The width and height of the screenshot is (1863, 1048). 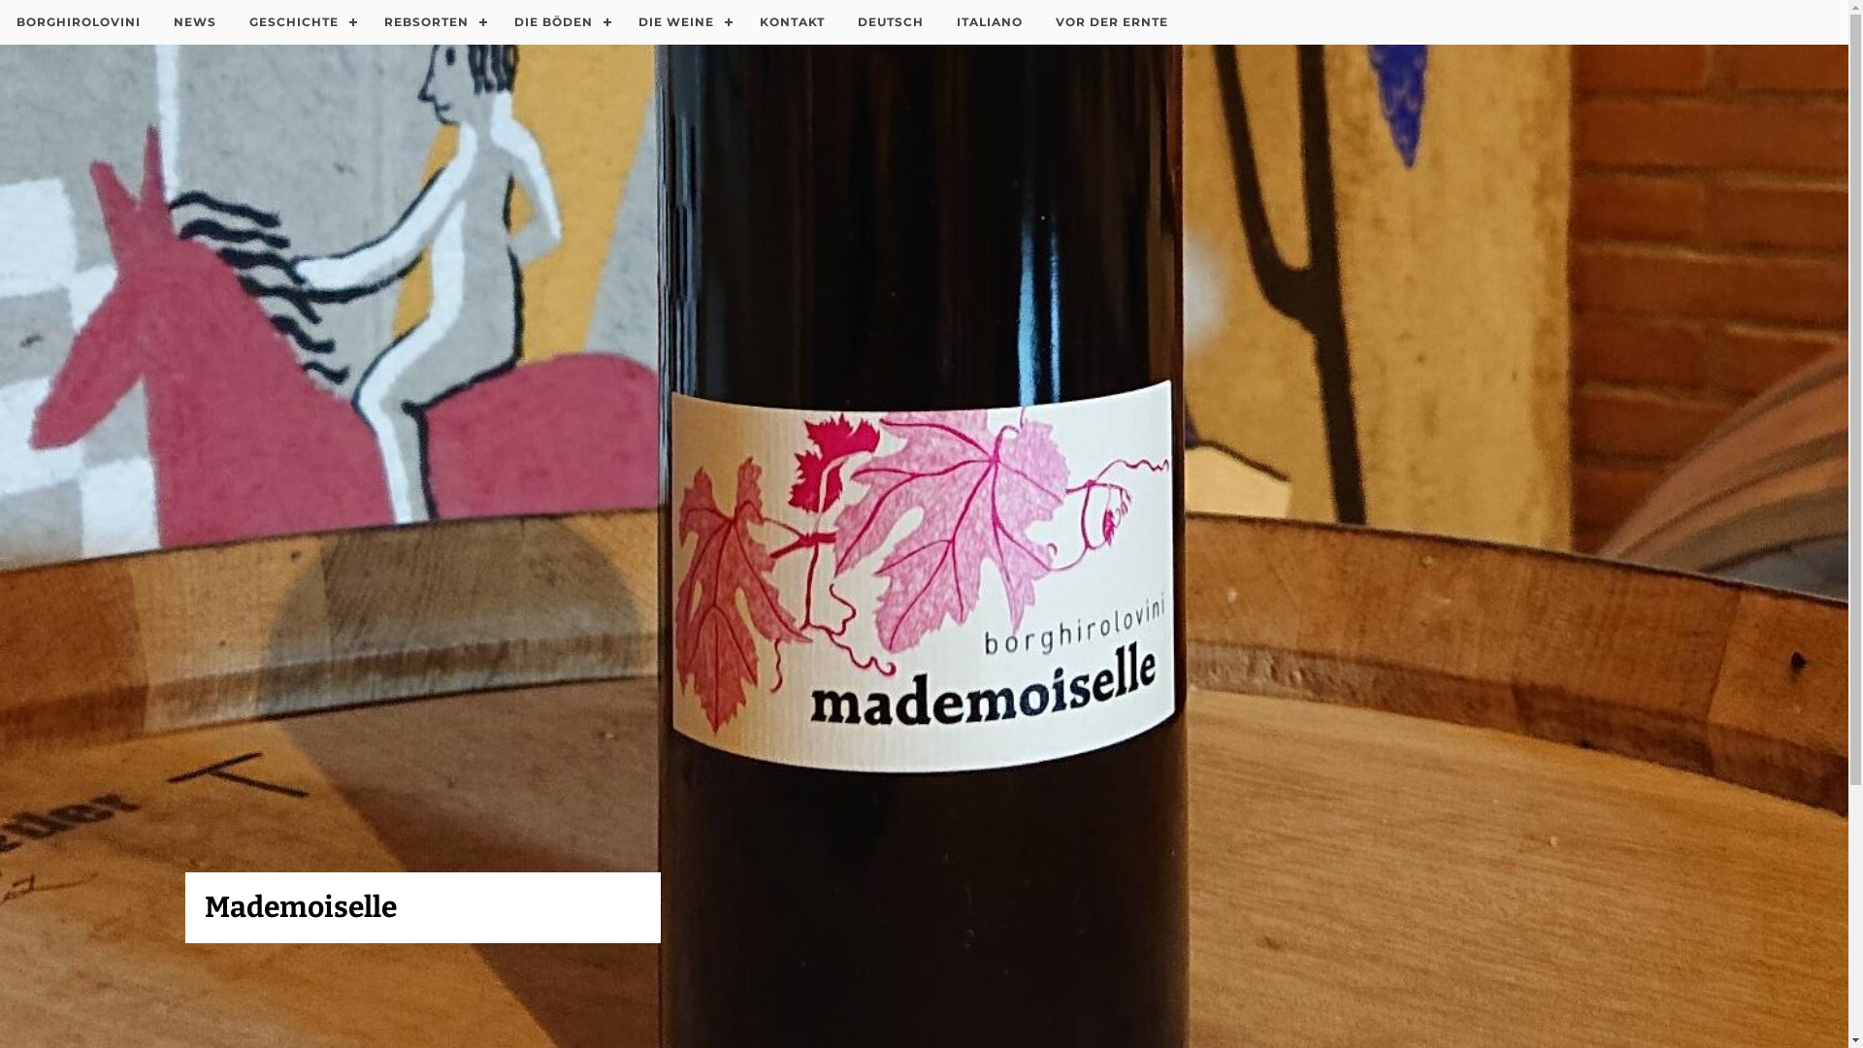 What do you see at coordinates (195, 22) in the screenshot?
I see `'NEWS'` at bounding box center [195, 22].